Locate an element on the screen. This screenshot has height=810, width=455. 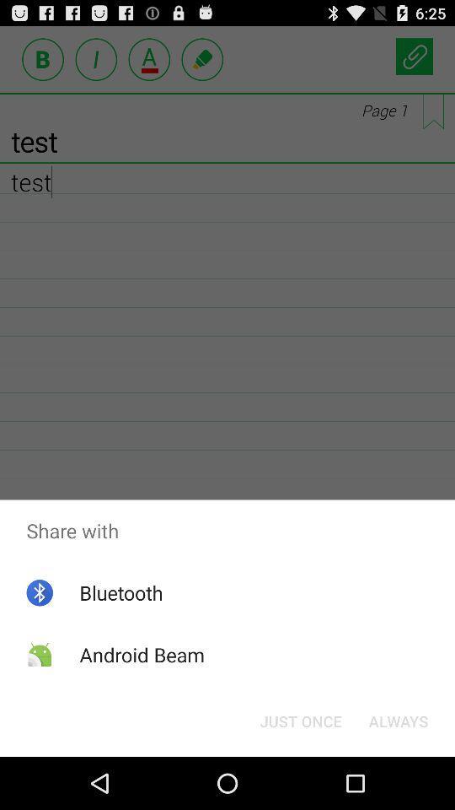
button to the right of just once item is located at coordinates (398, 720).